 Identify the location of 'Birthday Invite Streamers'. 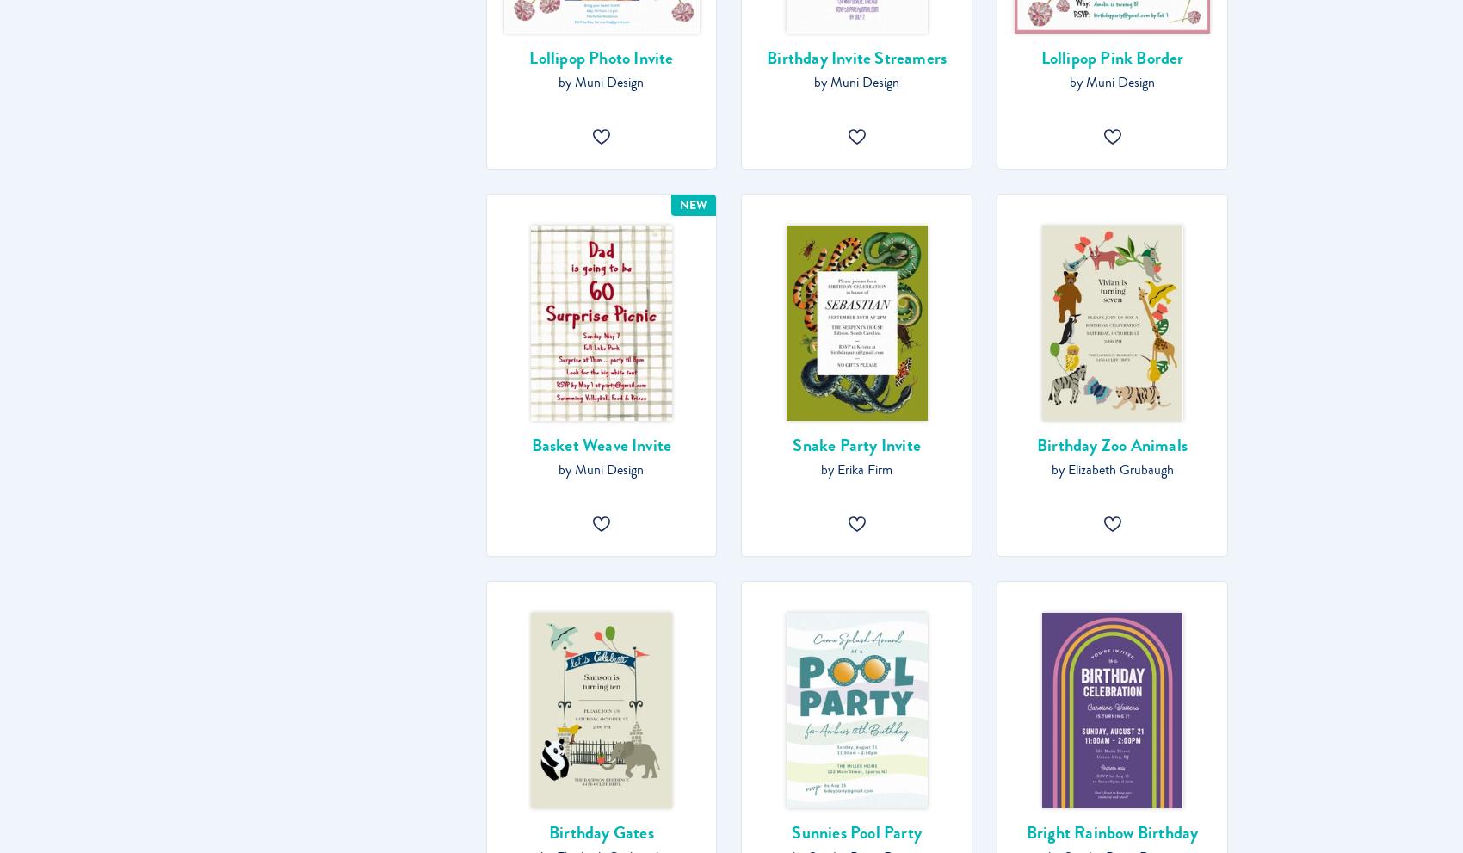
(855, 58).